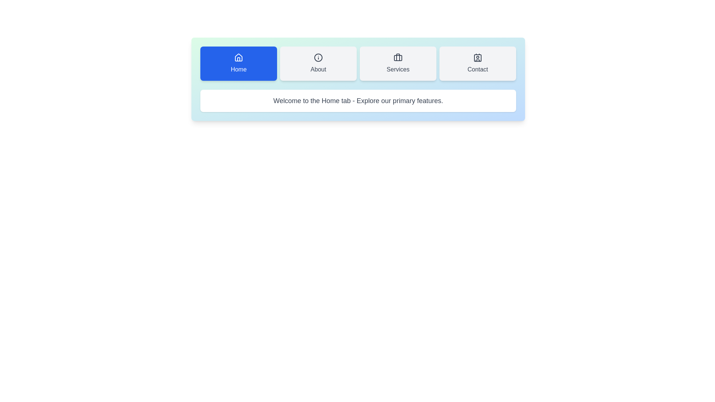 The width and height of the screenshot is (715, 402). I want to click on the 'About' button, so click(318, 63).